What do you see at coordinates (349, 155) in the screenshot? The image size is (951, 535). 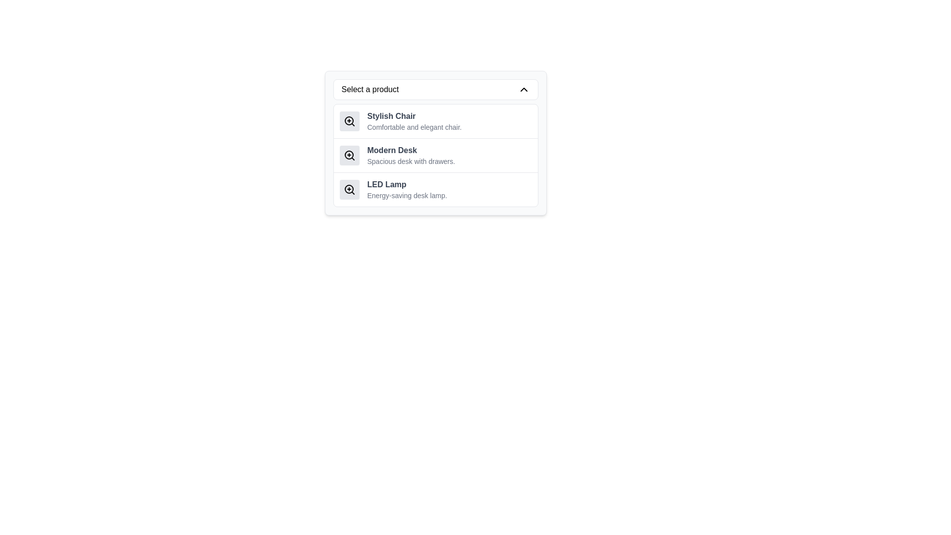 I see `the circular portion of the magnifying glass icon representing the 'zoom-in' operation for the 'Modern Desk' item in the dropdown menu` at bounding box center [349, 155].